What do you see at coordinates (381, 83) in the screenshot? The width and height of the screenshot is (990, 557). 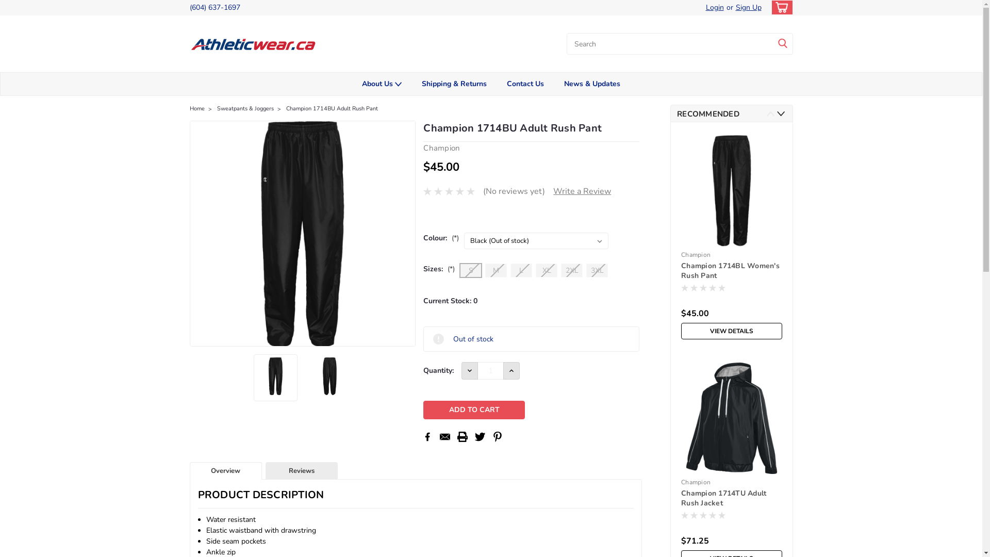 I see `'About Us'` at bounding box center [381, 83].